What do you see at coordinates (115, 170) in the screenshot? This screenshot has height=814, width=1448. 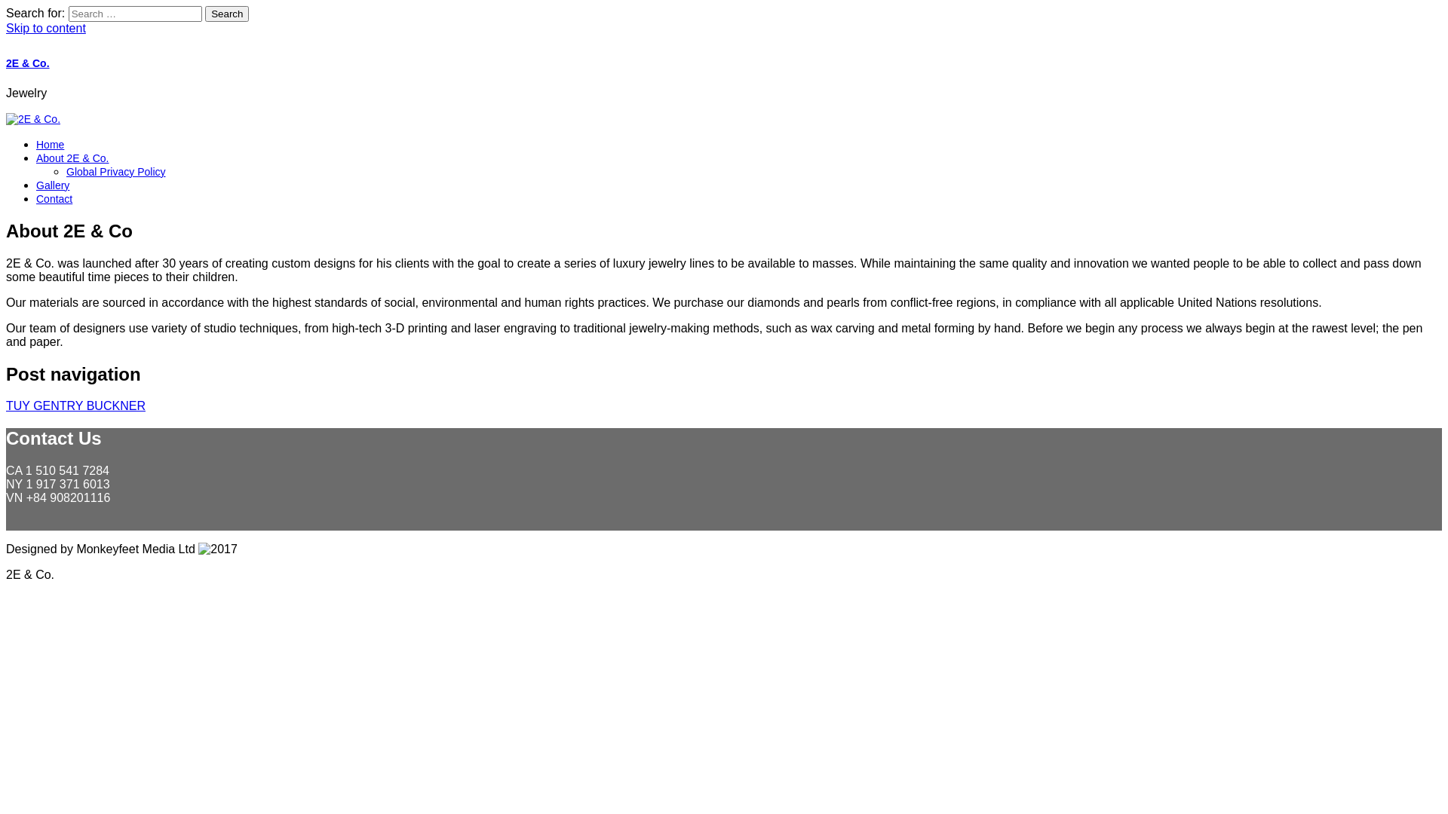 I see `'Global Privacy Policy'` at bounding box center [115, 170].